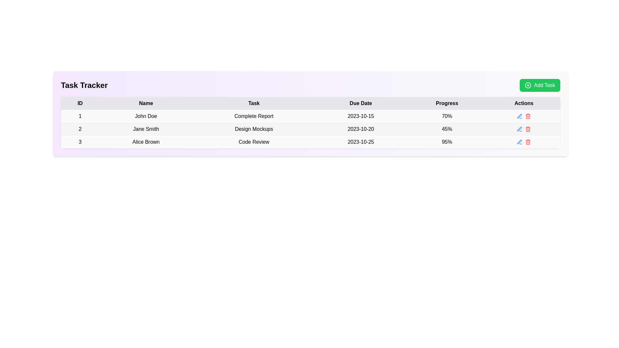  I want to click on the Text label displaying the name of the individual in the second row of the table under the 'Name' column, which is adjacent to ID '2' and 'Design Mockups', so click(145, 129).